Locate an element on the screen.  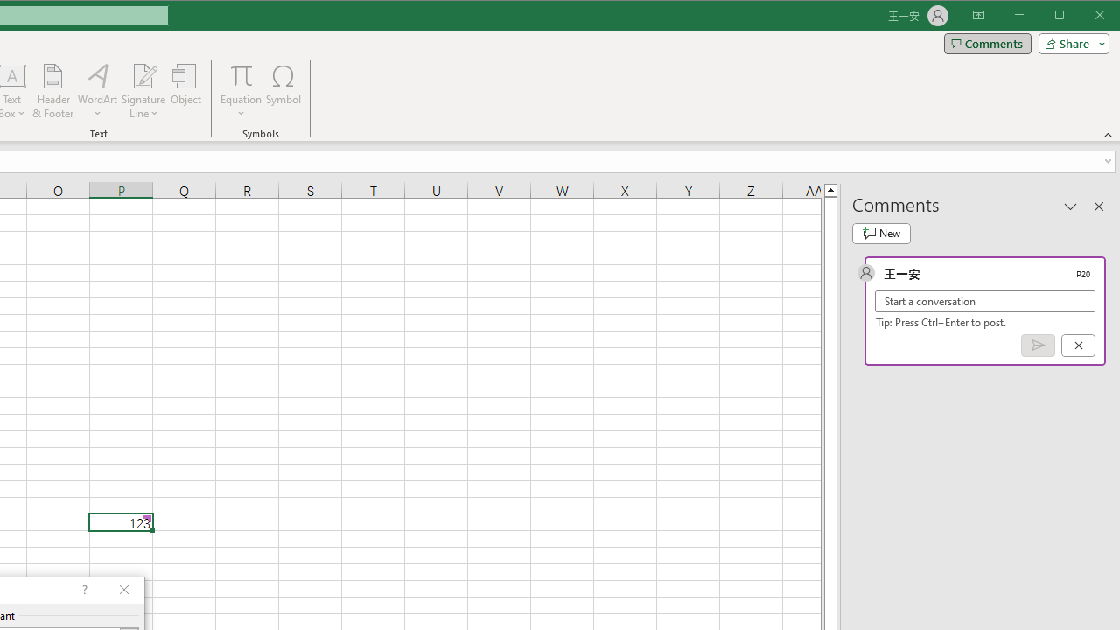
'Symbol...' is located at coordinates (283, 91).